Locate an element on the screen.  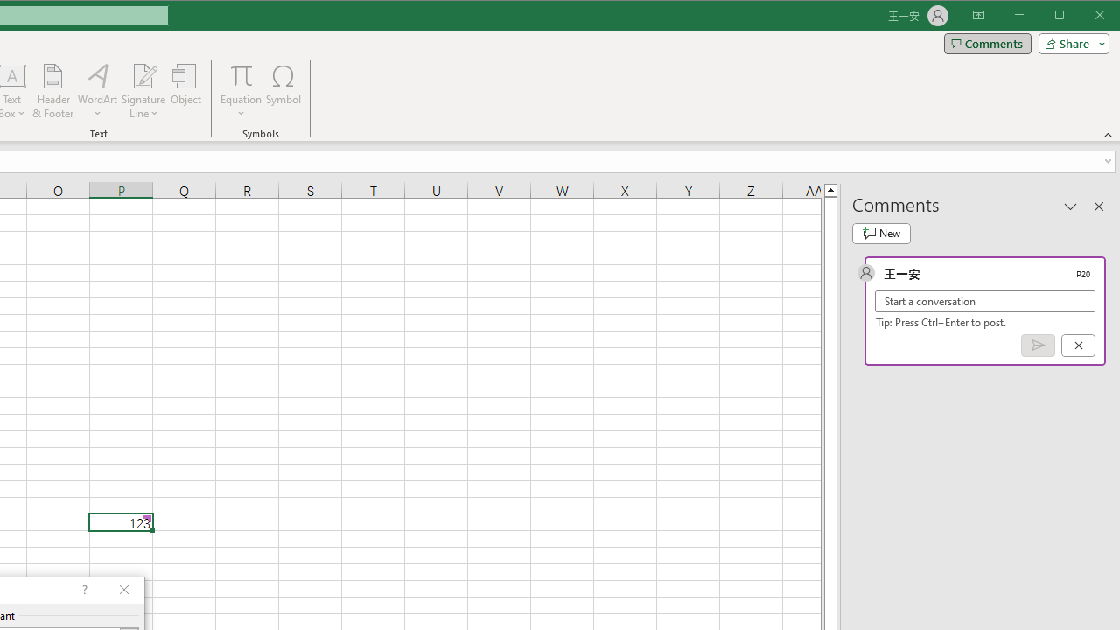
'Symbol...' is located at coordinates (283, 91).